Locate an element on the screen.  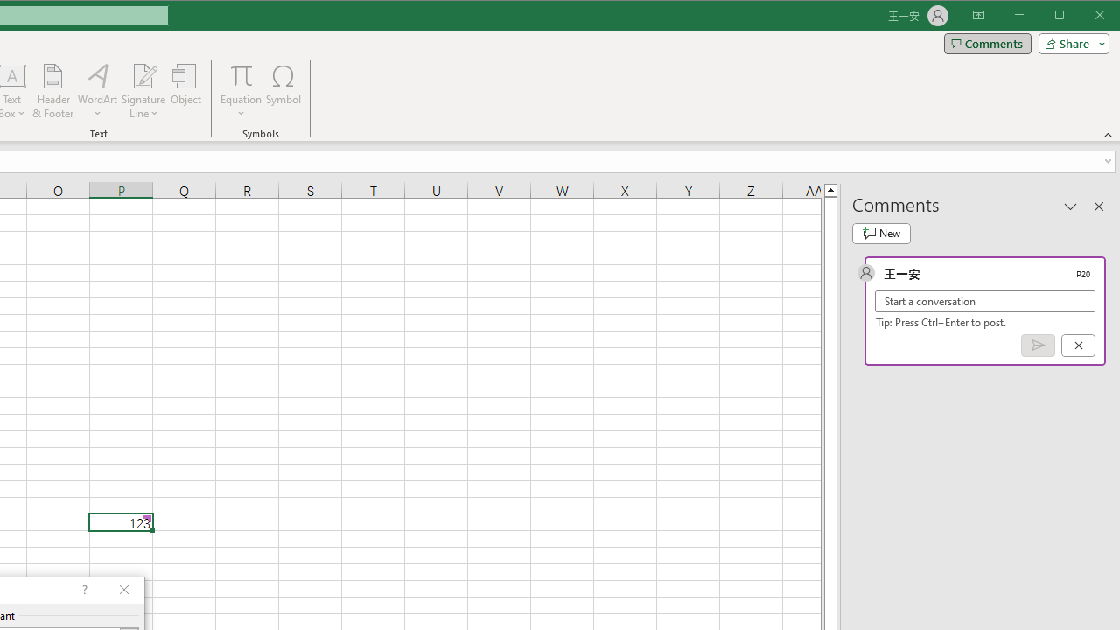
'Symbol...' is located at coordinates (283, 91).